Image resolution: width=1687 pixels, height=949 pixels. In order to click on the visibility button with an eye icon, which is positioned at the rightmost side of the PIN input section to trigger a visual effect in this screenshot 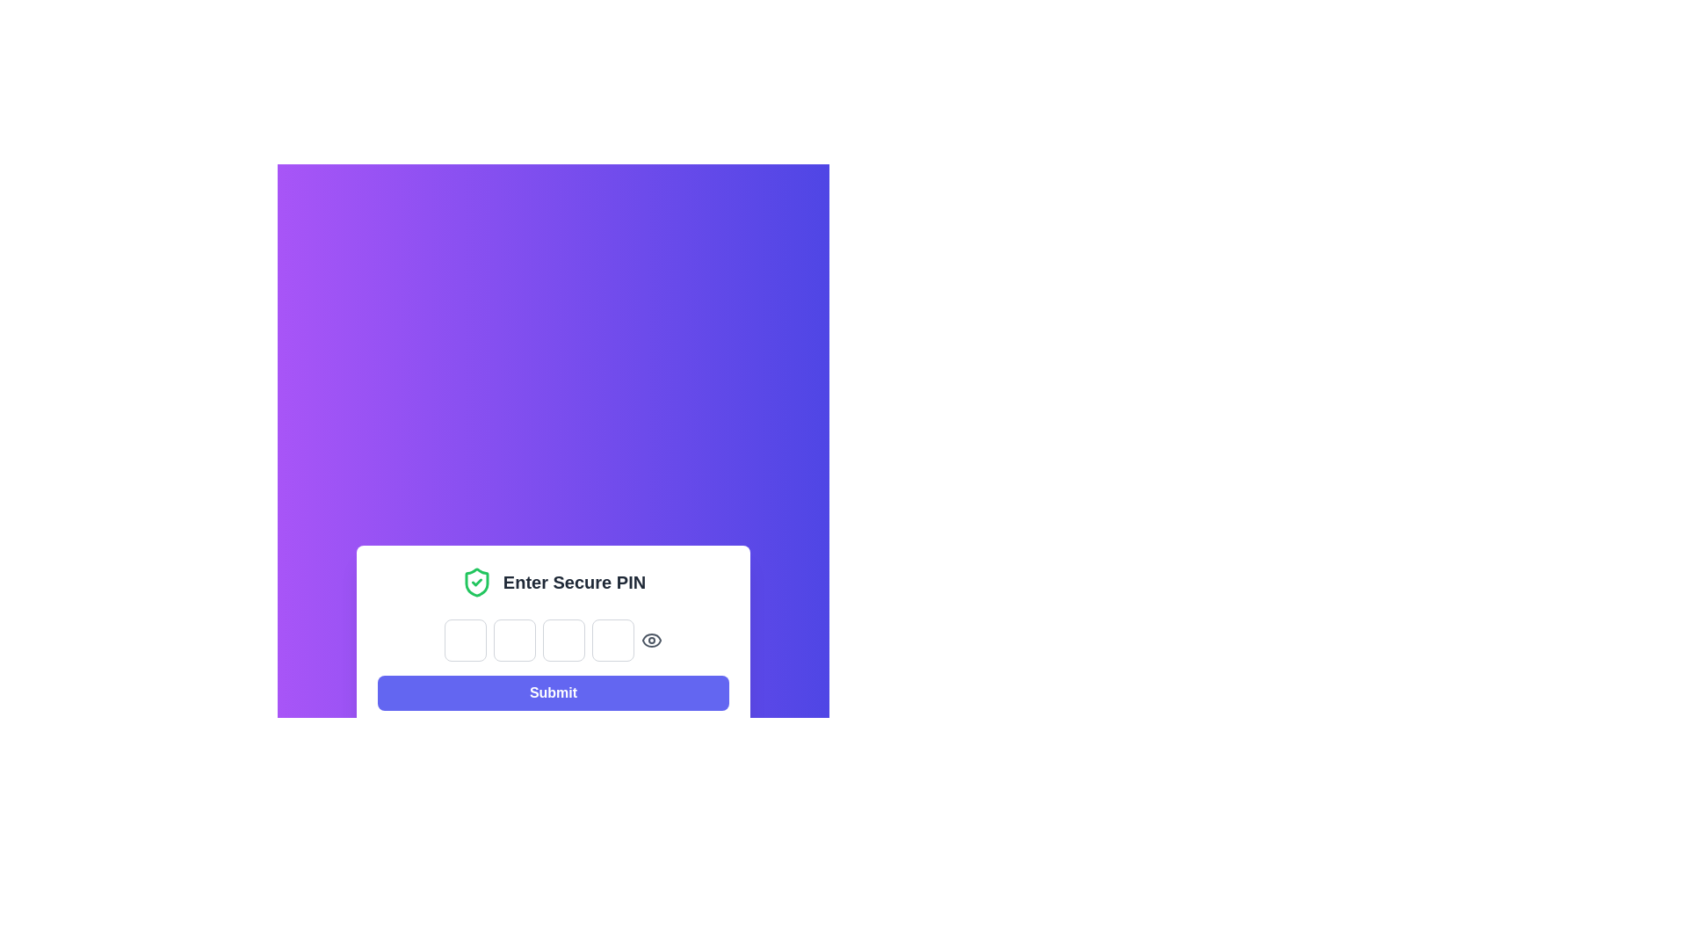, I will do `click(651, 641)`.